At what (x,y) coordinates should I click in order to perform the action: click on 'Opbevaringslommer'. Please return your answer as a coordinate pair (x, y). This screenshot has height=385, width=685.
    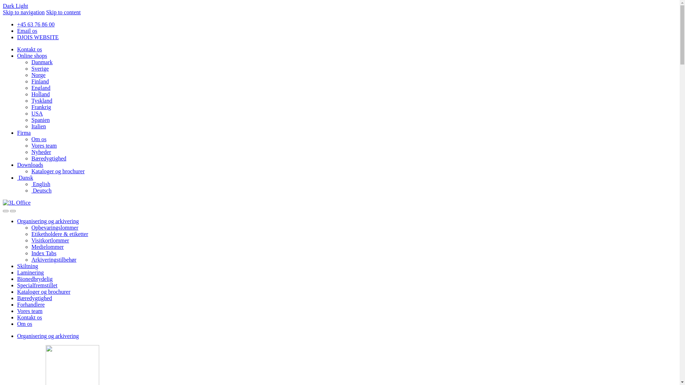
    Looking at the image, I should click on (54, 227).